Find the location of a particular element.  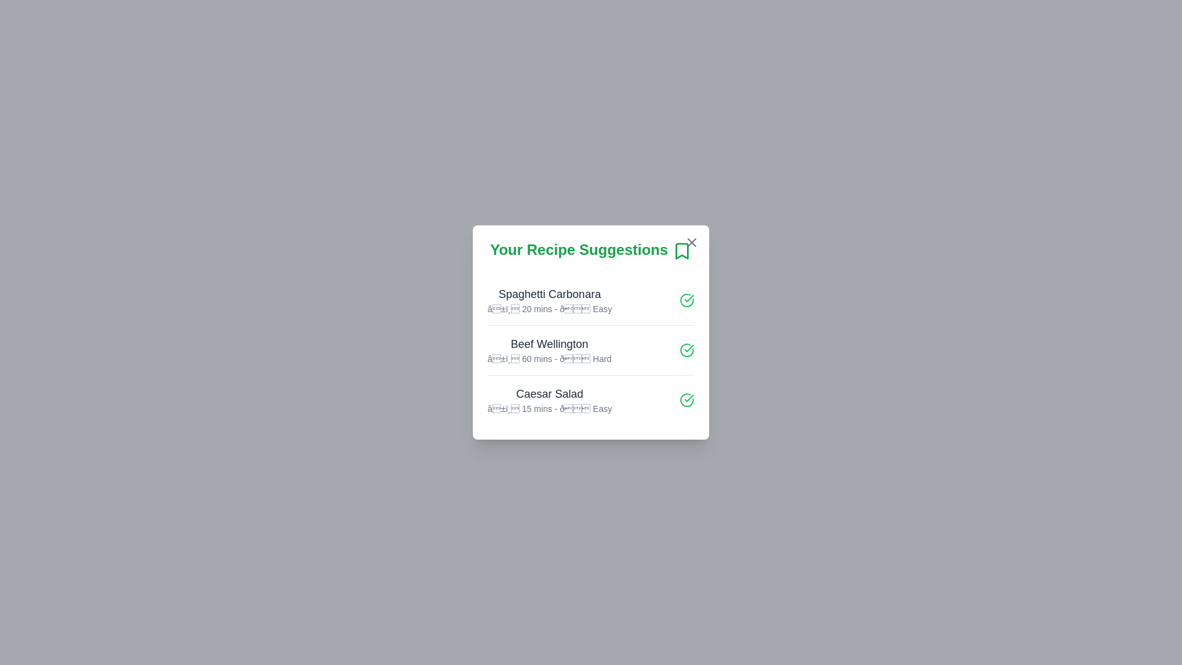

close button to close the dialog is located at coordinates (691, 242).